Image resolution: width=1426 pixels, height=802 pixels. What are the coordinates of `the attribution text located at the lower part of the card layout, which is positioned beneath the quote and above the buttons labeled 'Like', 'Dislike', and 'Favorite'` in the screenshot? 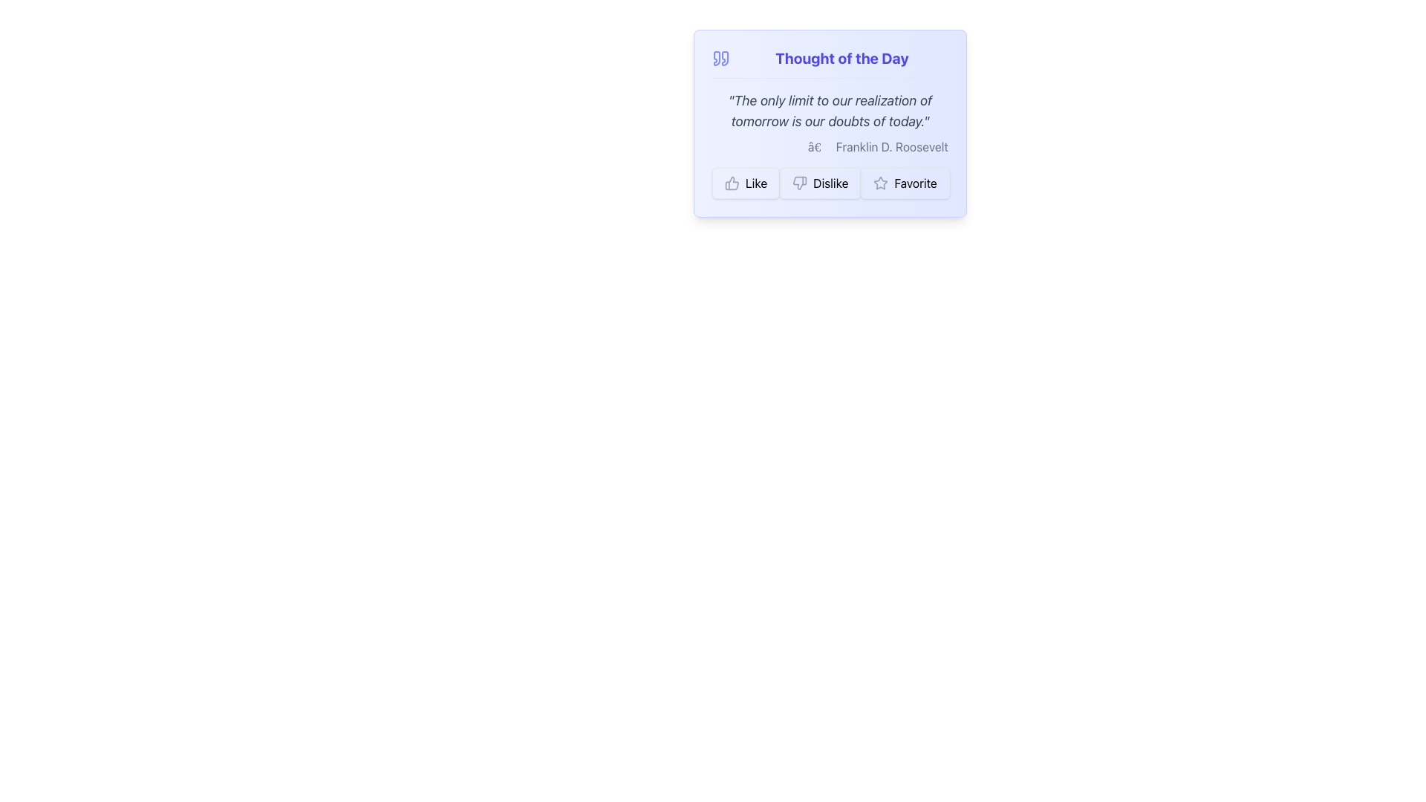 It's located at (830, 146).